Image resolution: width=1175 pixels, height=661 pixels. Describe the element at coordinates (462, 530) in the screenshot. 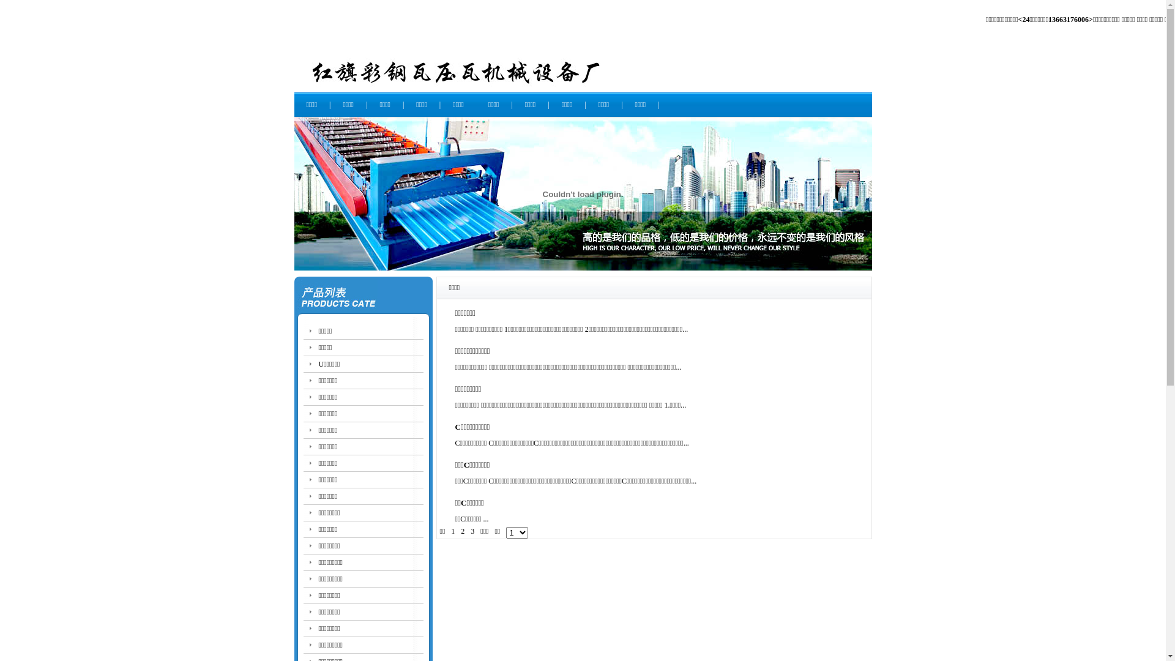

I see `'2'` at that location.